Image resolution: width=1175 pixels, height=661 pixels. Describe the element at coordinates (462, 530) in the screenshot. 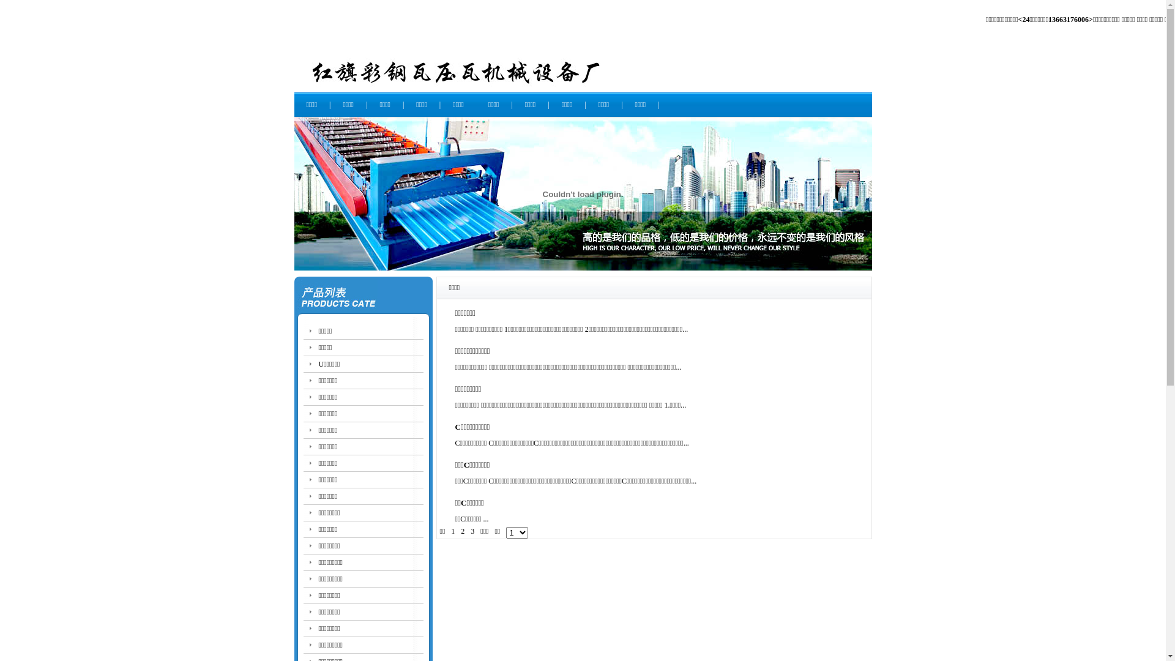

I see `'2'` at that location.